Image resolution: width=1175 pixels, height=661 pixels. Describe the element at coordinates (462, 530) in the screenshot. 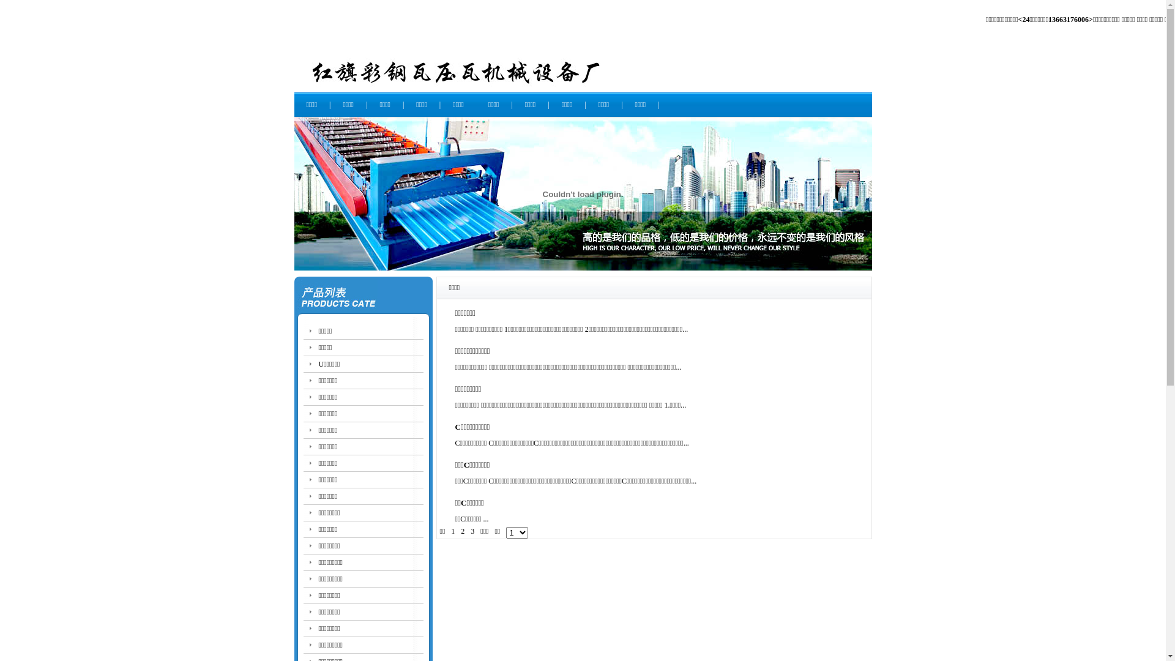

I see `'2'` at that location.